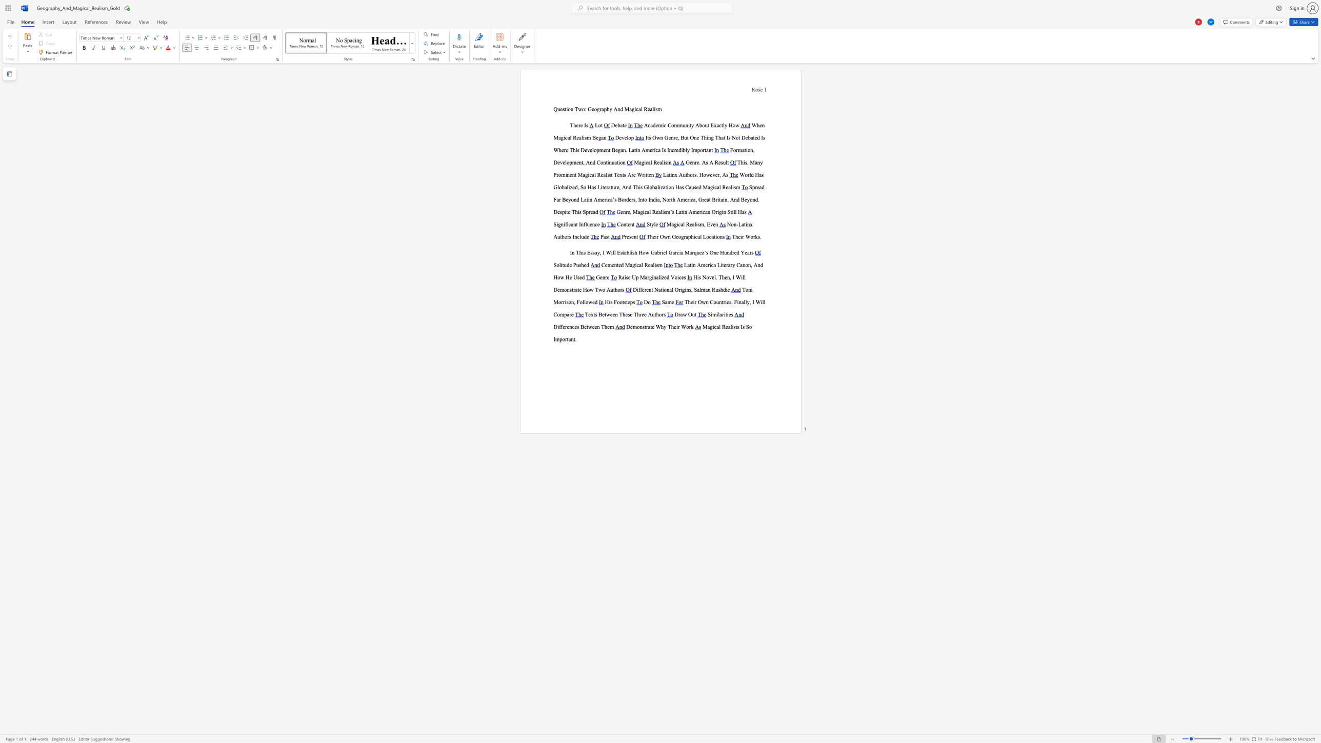 The width and height of the screenshot is (1321, 743). Describe the element at coordinates (693, 252) in the screenshot. I see `the subset text "quez’s One Hundred Years" within the text "In This Essay, I Will Establish How Gabriel Garcia Marquez’s One Hundred Years"` at that location.